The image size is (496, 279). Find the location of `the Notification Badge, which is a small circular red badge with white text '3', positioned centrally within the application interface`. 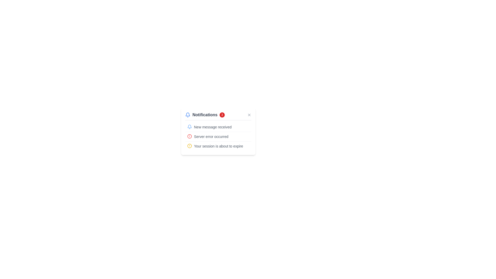

the Notification Badge, which is a small circular red badge with white text '3', positioned centrally within the application interface is located at coordinates (222, 114).